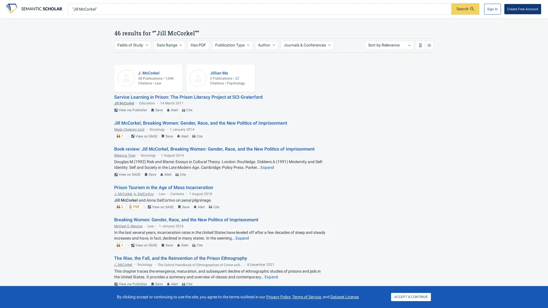  What do you see at coordinates (492, 9) in the screenshot?
I see `Sign In` at bounding box center [492, 9].